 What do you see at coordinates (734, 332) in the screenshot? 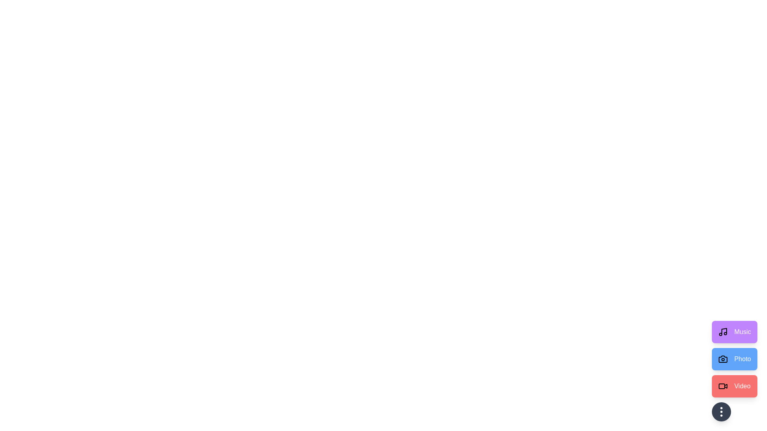
I see `the 'Music' option in the MultimediaSpeedDial component` at bounding box center [734, 332].